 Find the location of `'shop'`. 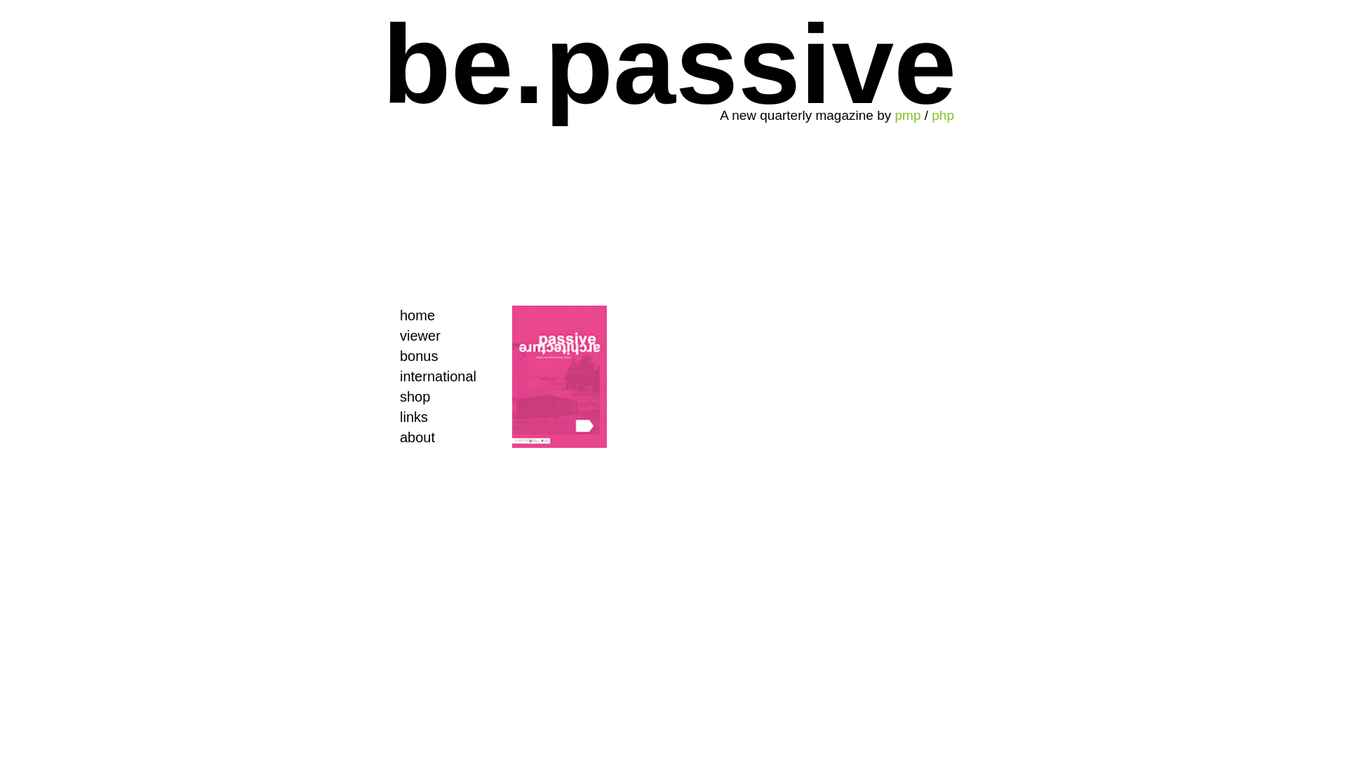

'shop' is located at coordinates (434, 397).